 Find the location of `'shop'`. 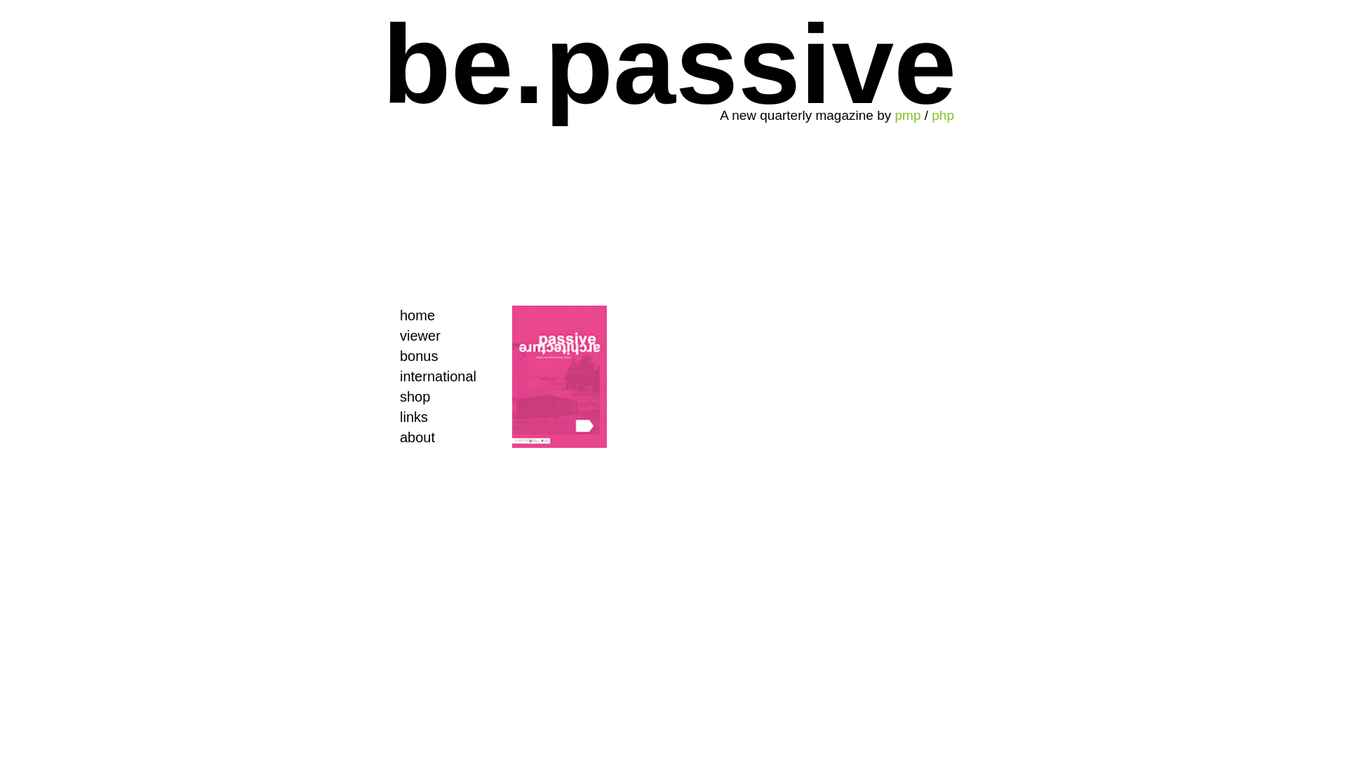

'shop' is located at coordinates (434, 397).